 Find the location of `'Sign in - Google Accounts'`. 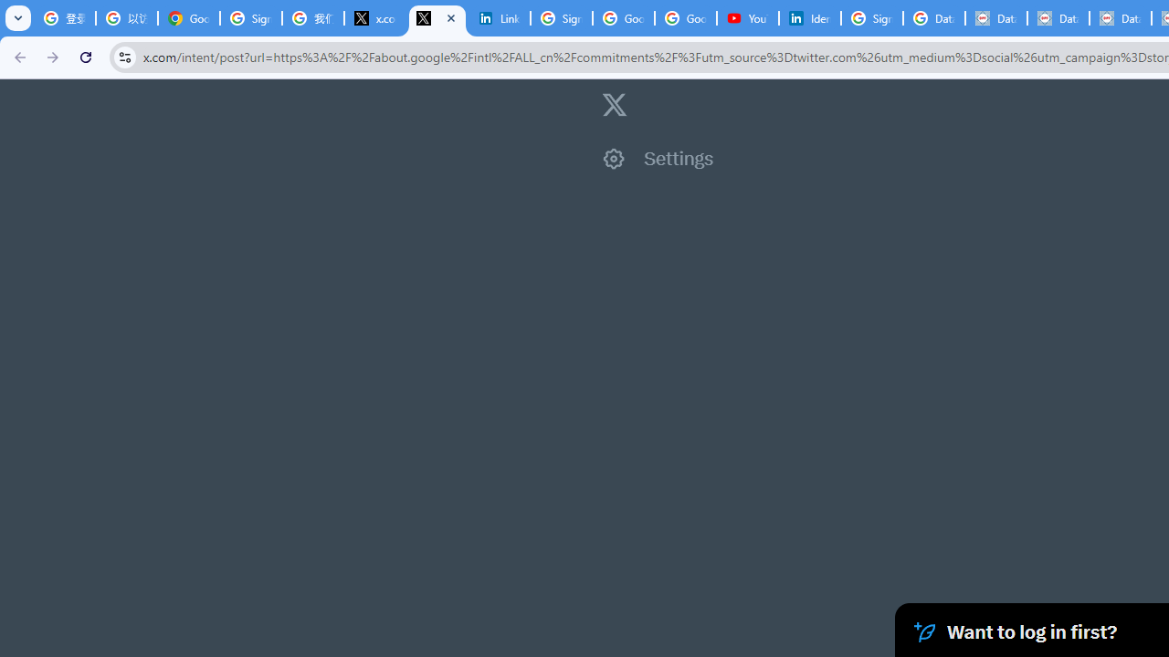

'Sign in - Google Accounts' is located at coordinates (561, 18).